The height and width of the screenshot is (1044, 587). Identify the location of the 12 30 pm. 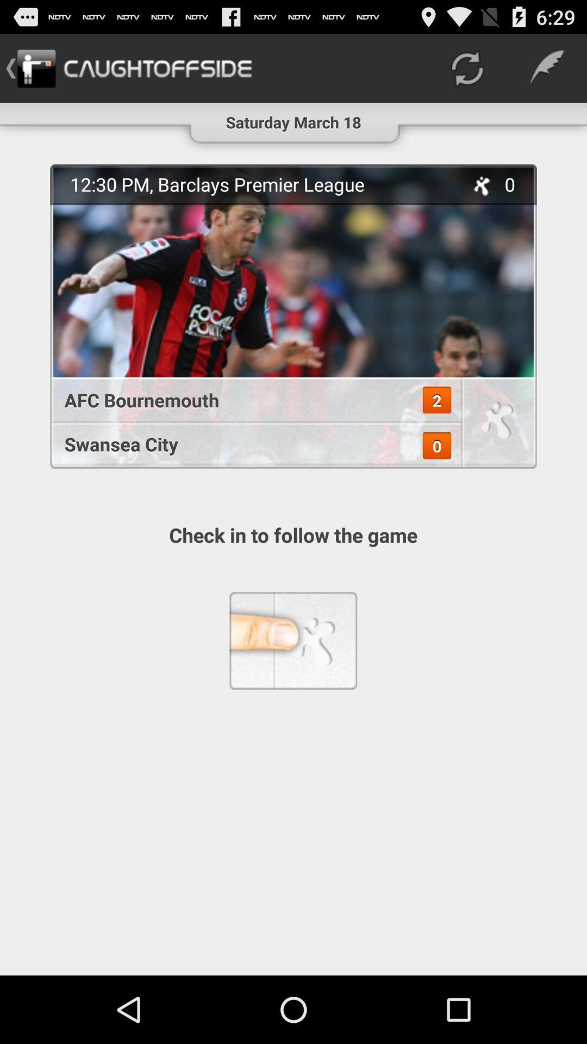
(261, 184).